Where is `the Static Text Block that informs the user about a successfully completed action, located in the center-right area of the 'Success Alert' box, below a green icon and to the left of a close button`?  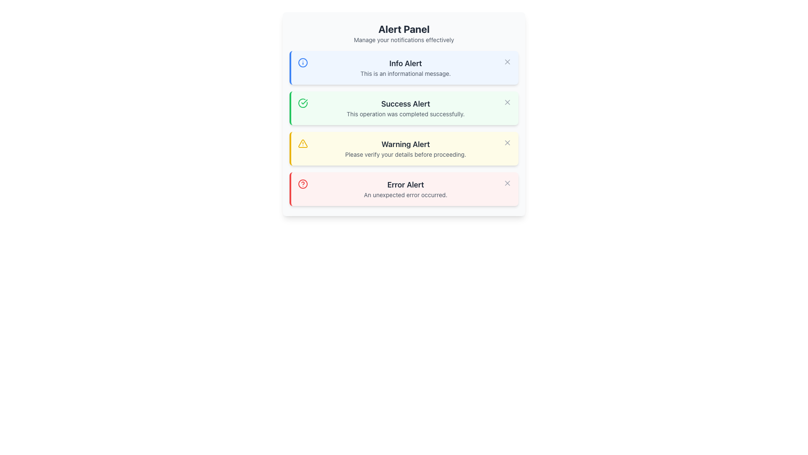 the Static Text Block that informs the user about a successfully completed action, located in the center-right area of the 'Success Alert' box, below a green icon and to the left of a close button is located at coordinates (406, 108).